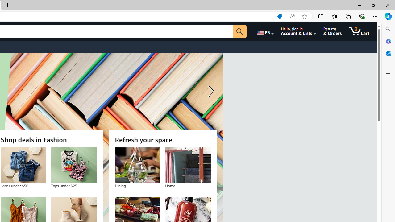 This screenshot has height=222, width=395. Describe the element at coordinates (73, 165) in the screenshot. I see `'Tops under $25'` at that location.